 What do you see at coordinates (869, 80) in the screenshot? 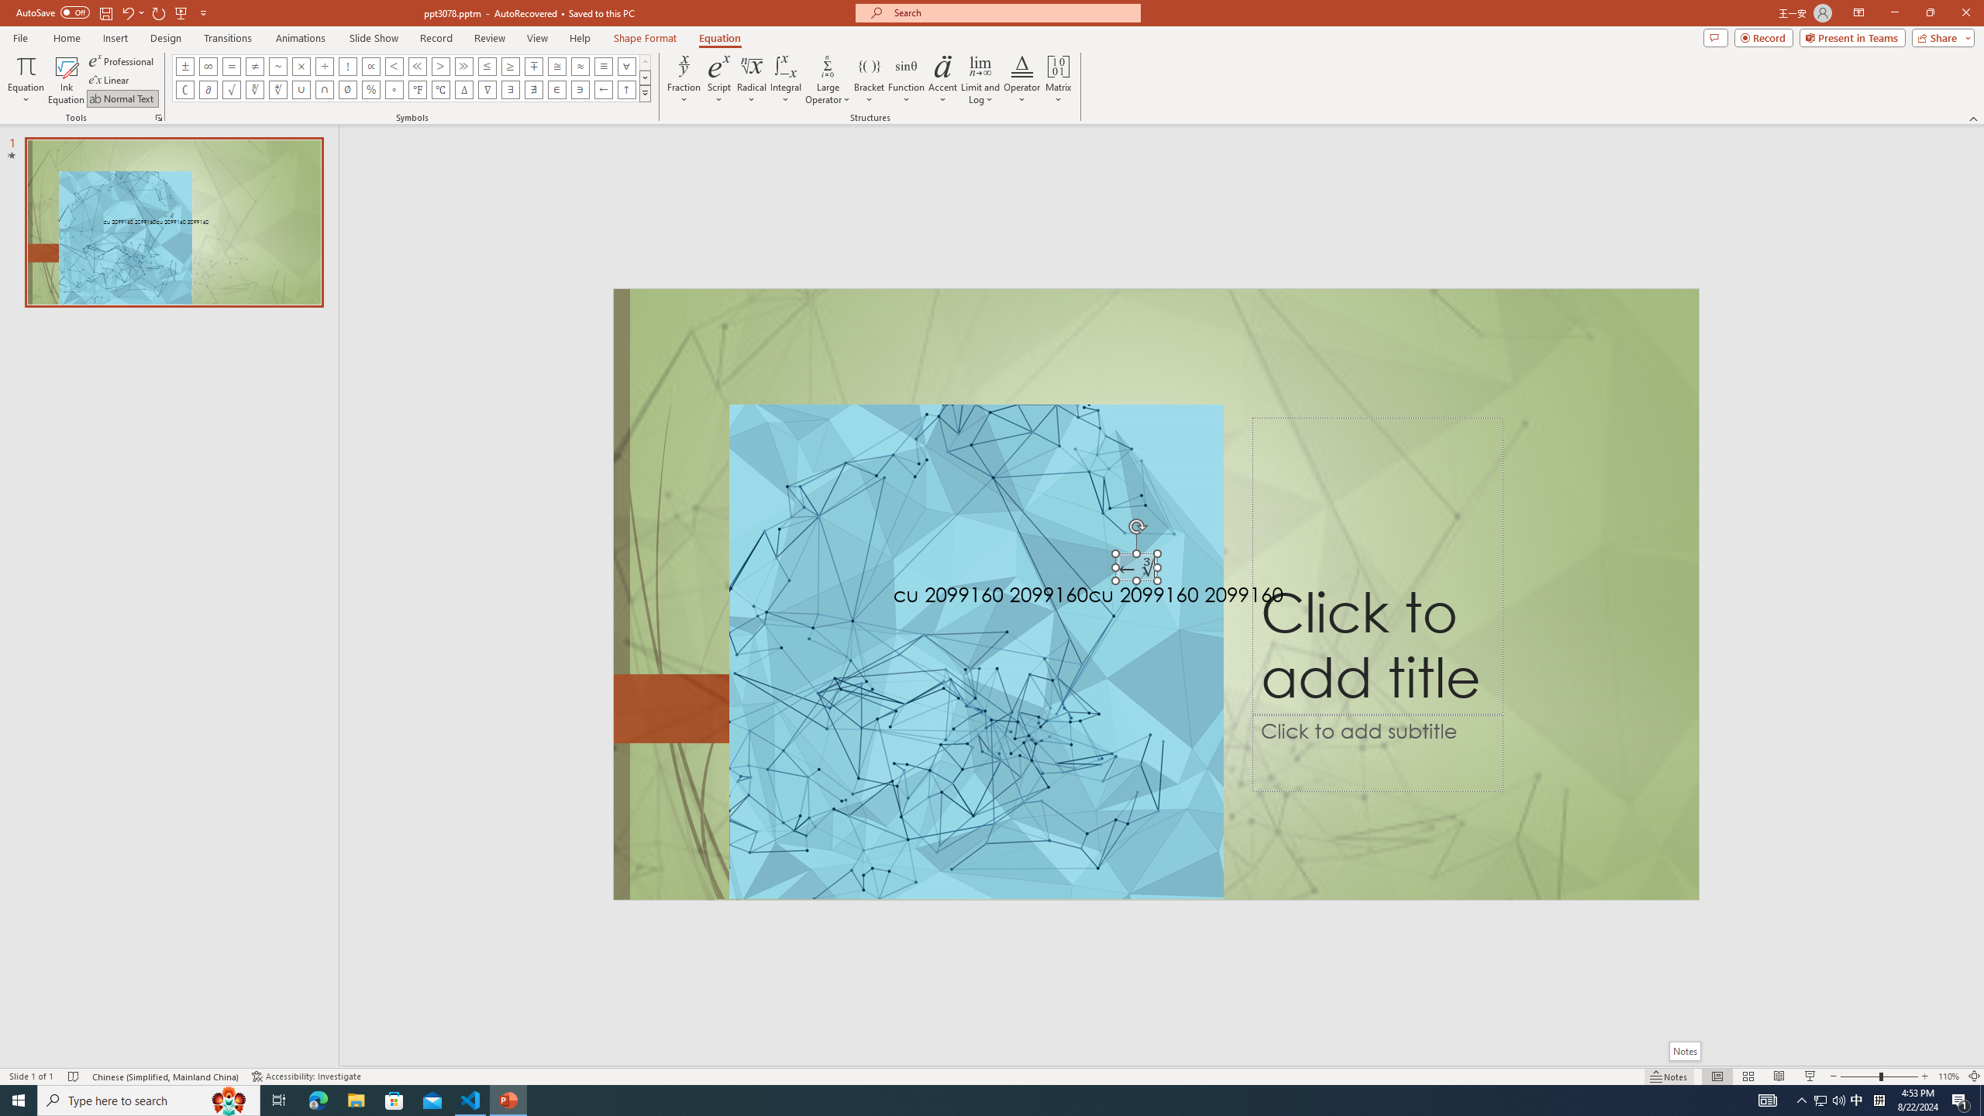
I see `'Bracket'` at bounding box center [869, 80].